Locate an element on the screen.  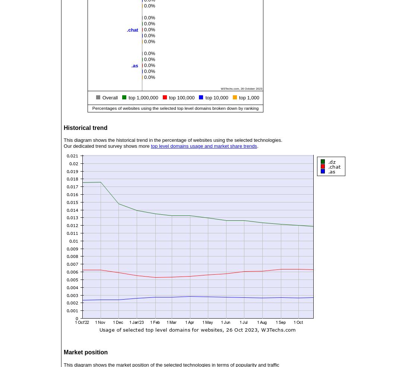
'W3Techs.com, 26 October 2023' is located at coordinates (241, 88).